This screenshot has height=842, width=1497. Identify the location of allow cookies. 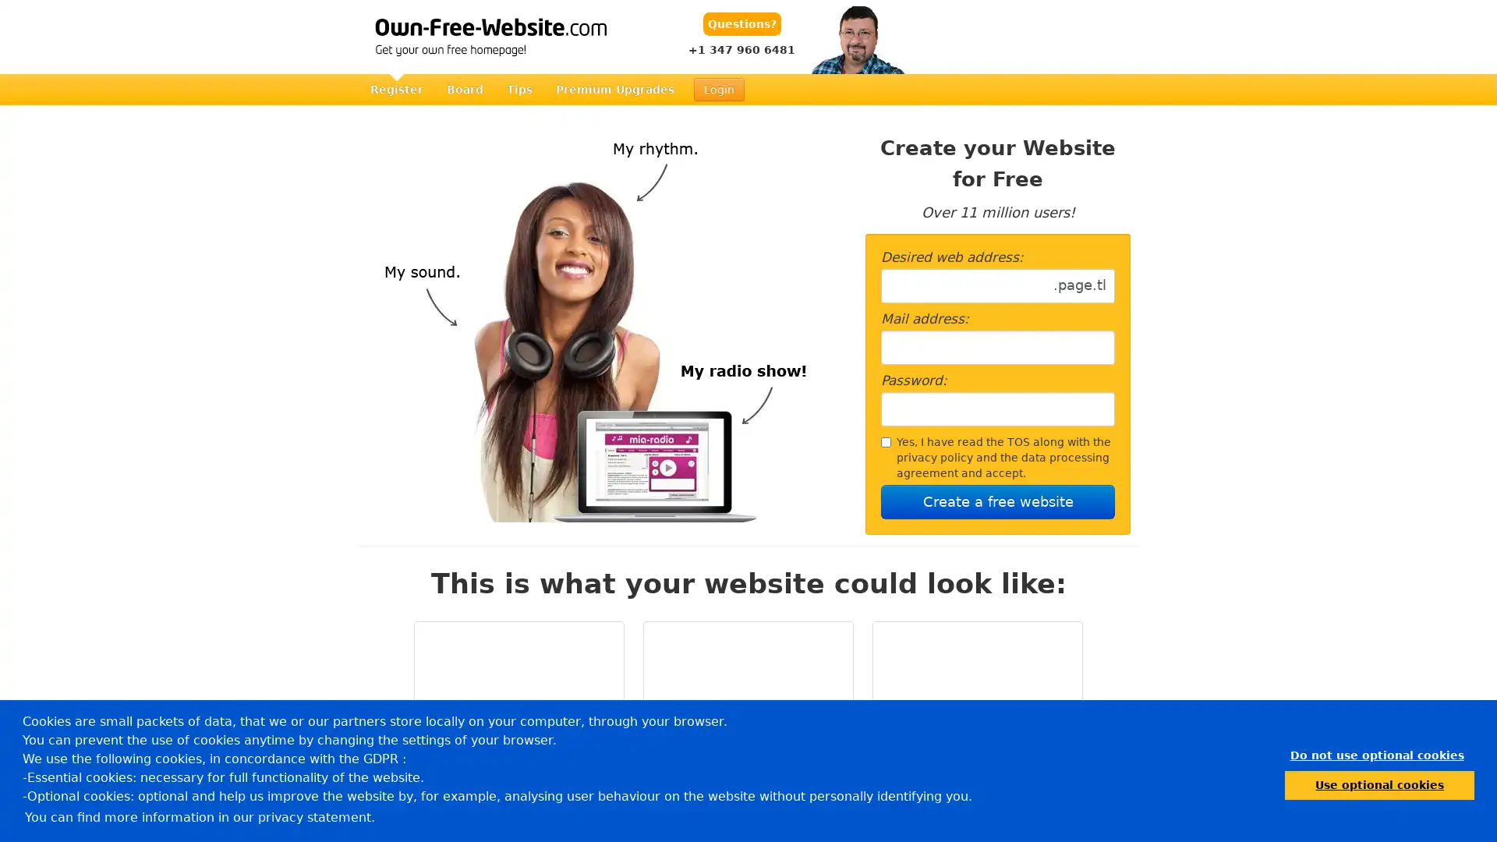
(1379, 784).